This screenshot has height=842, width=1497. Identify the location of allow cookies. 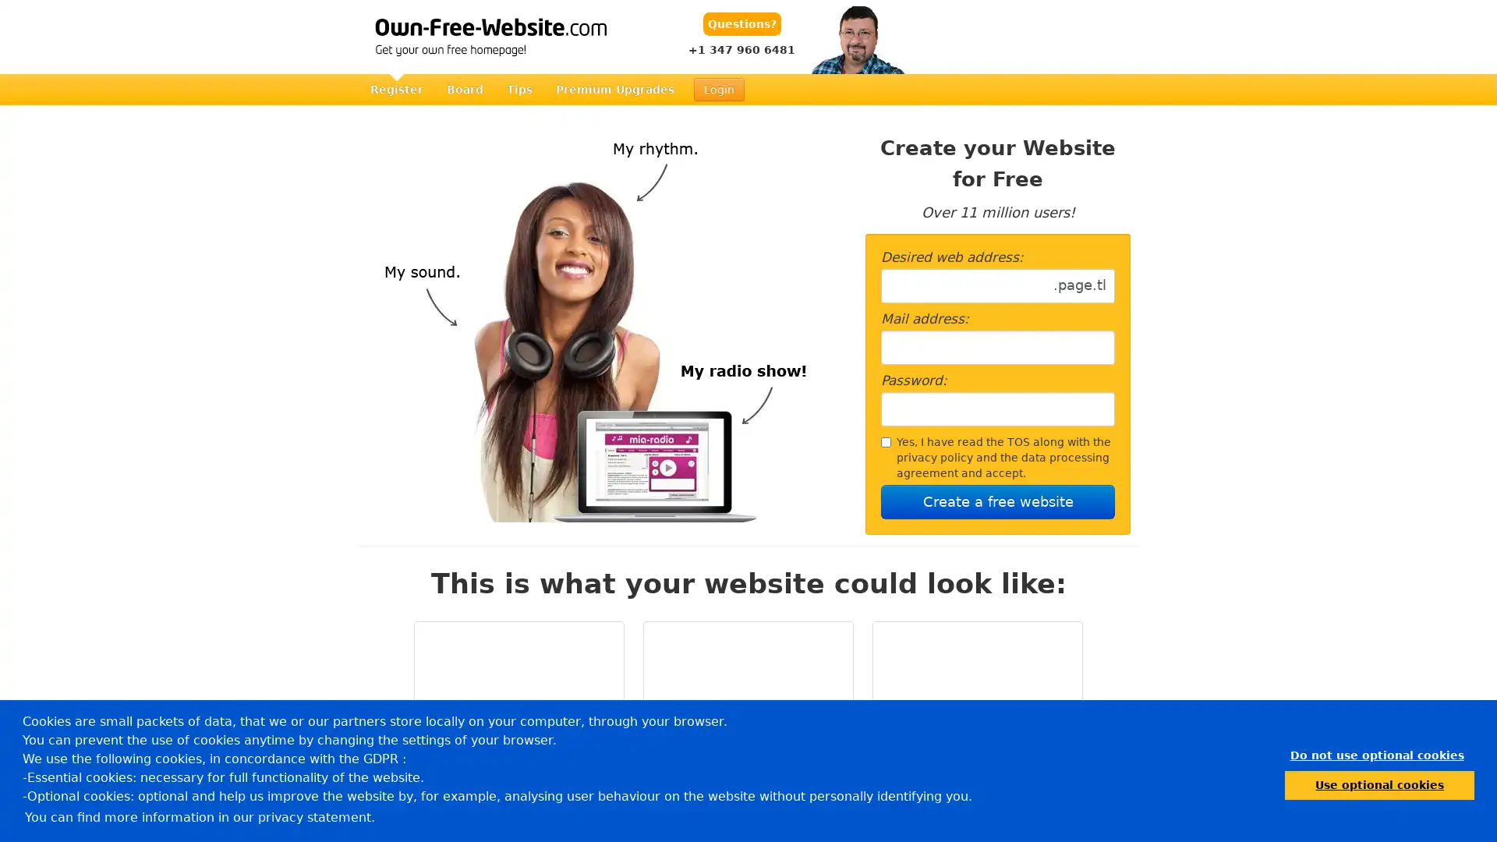
(1379, 784).